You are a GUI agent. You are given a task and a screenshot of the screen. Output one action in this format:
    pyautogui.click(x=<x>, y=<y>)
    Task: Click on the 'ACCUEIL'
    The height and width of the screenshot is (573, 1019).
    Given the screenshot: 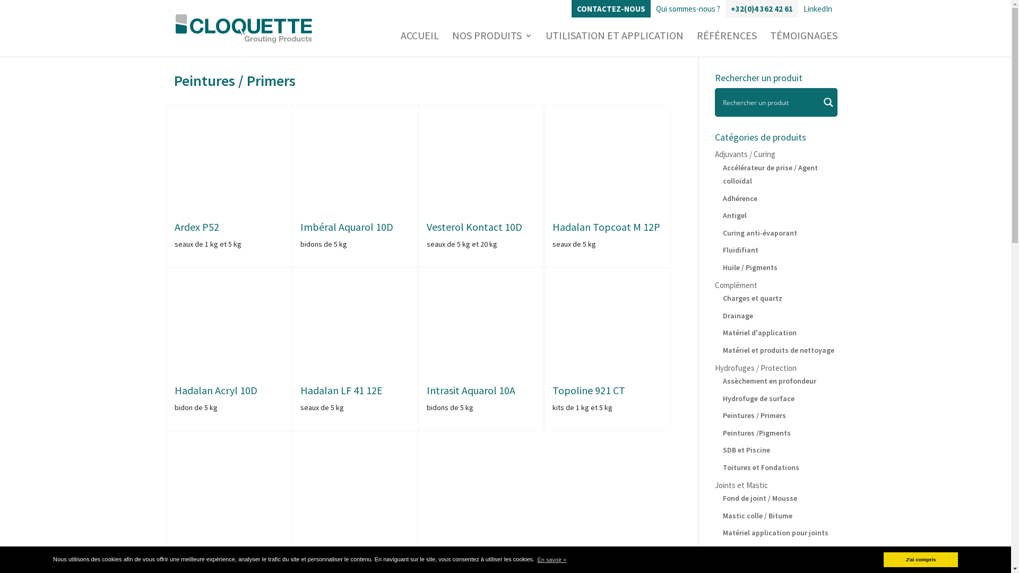 What is the action you would take?
    pyautogui.click(x=419, y=44)
    